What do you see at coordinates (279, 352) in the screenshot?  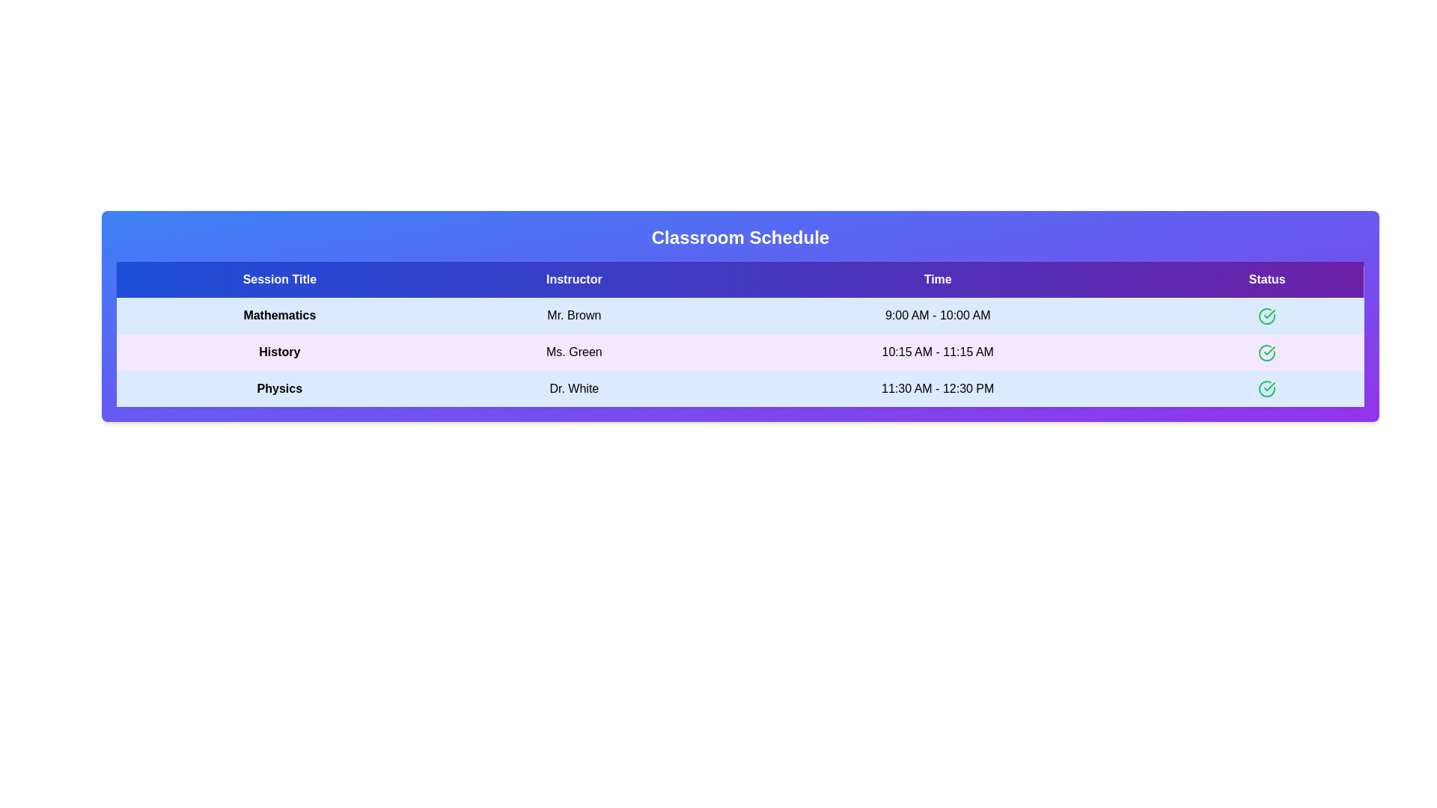 I see `the text element History to select or copy its content` at bounding box center [279, 352].